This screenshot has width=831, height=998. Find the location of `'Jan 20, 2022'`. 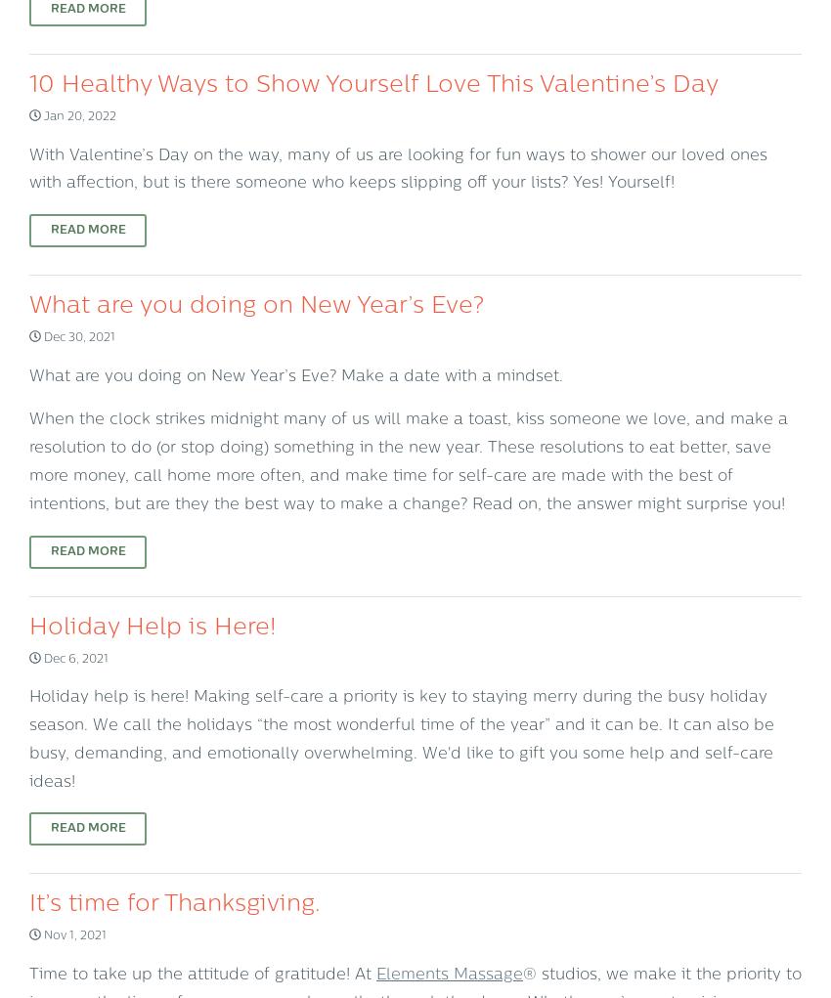

'Jan 20, 2022' is located at coordinates (39, 116).